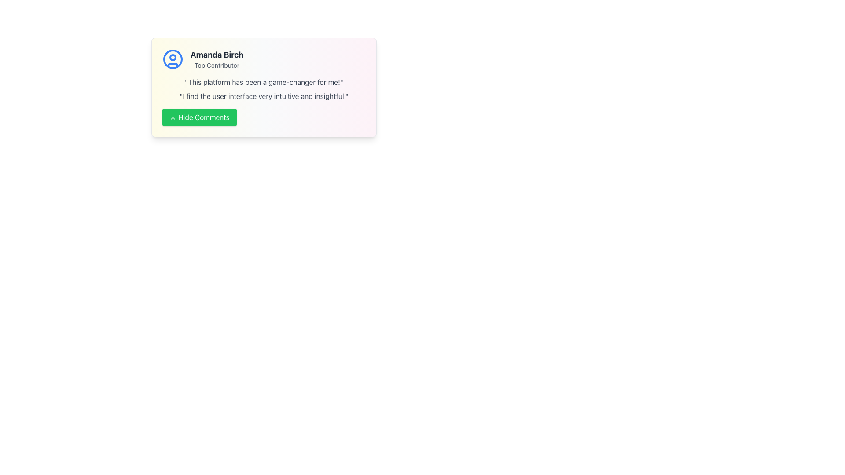 The image size is (845, 475). What do you see at coordinates (217, 65) in the screenshot?
I see `the static text label indicating status or role for 'Amanda Birch', located below the name 'Amanda Birch' in the top-left region of the interface` at bounding box center [217, 65].